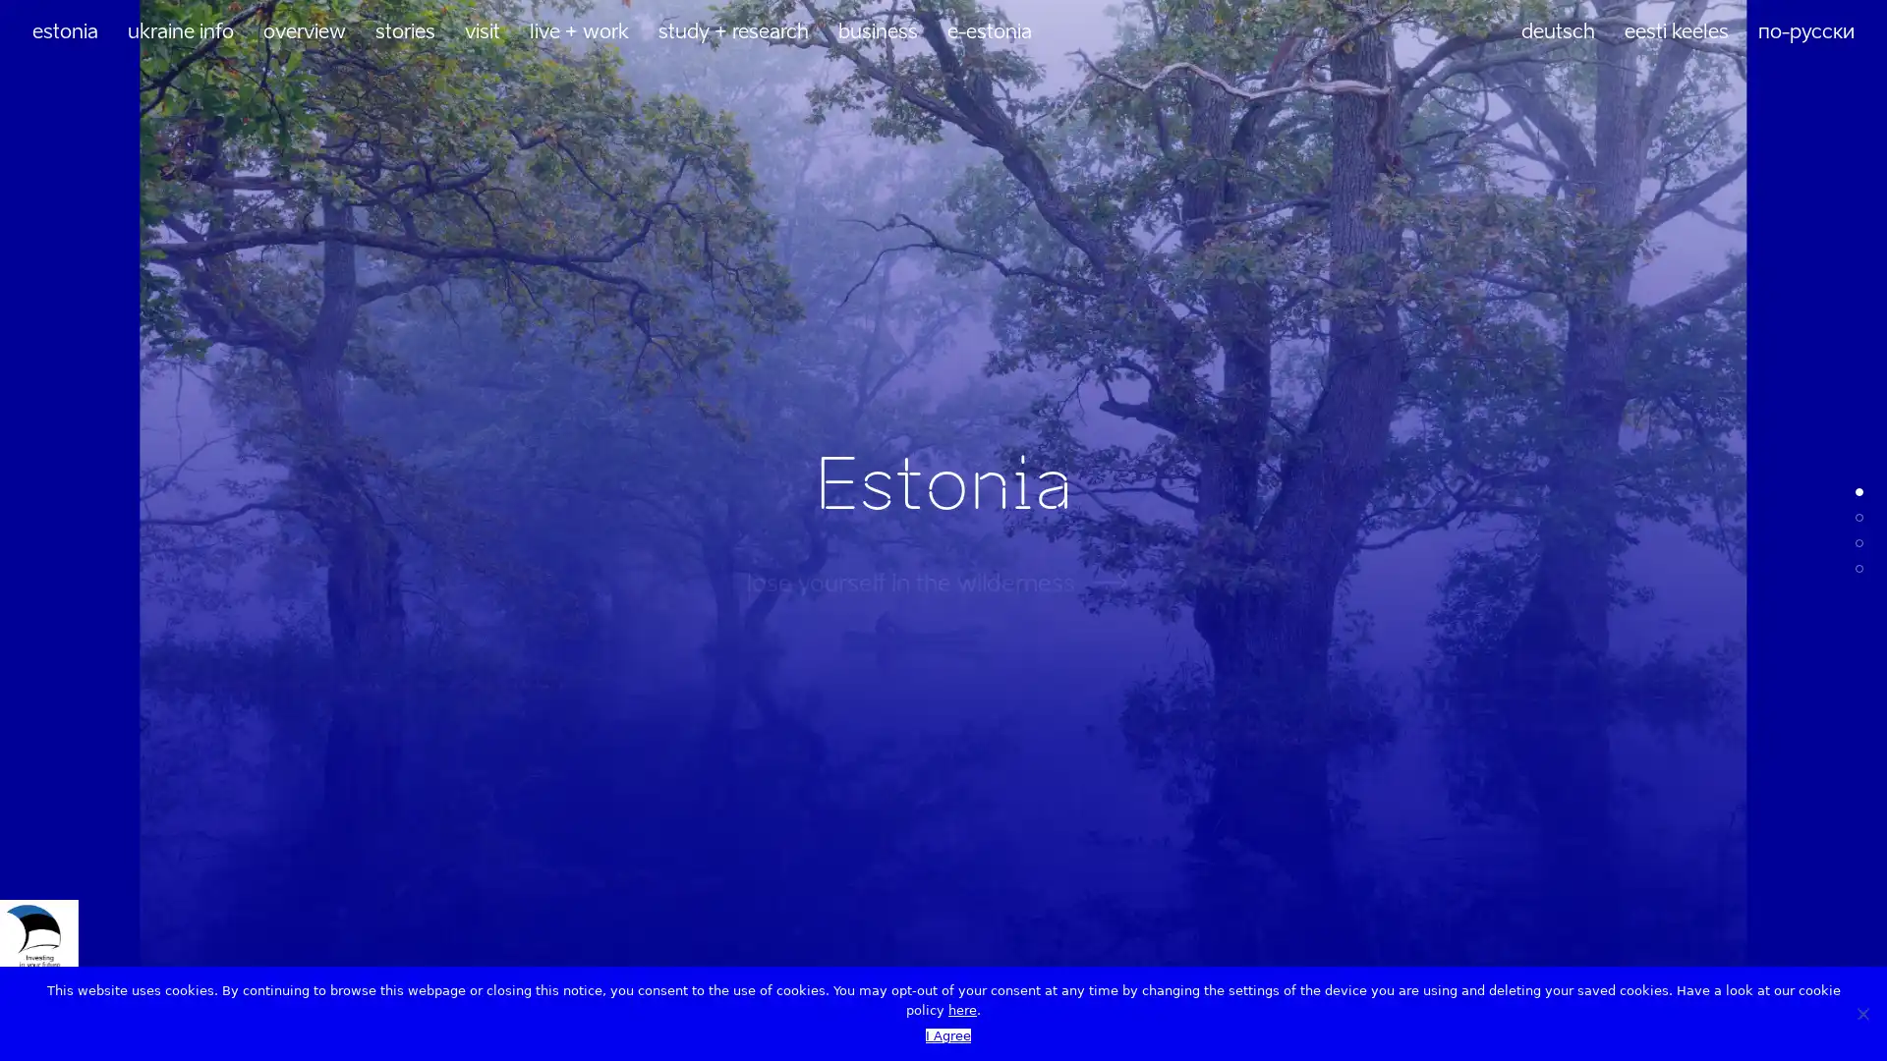 Image resolution: width=1887 pixels, height=1061 pixels. I want to click on Submit search, so click(446, 715).